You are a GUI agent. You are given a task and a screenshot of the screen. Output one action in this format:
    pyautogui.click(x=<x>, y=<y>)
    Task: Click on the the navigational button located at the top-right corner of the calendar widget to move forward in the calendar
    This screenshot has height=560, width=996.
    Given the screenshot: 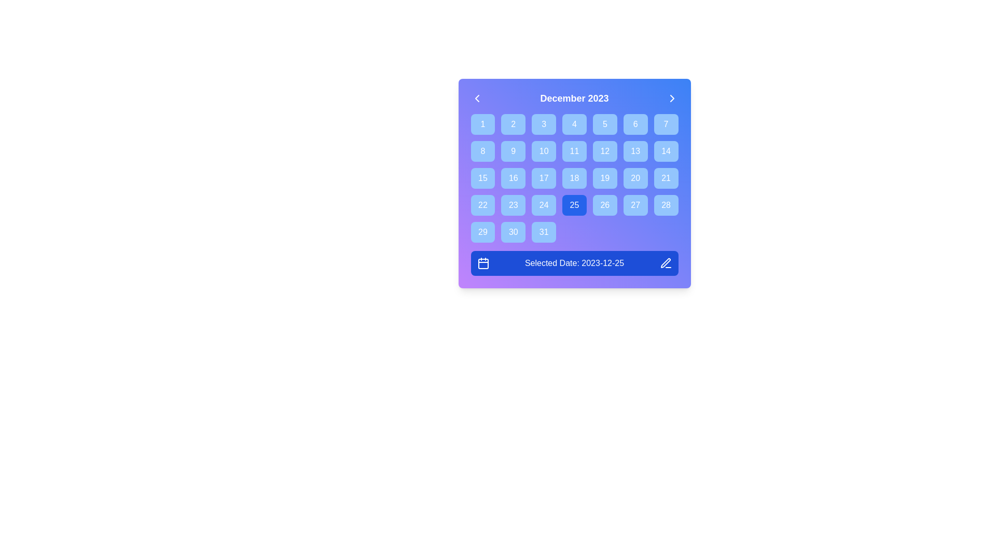 What is the action you would take?
    pyautogui.click(x=672, y=98)
    